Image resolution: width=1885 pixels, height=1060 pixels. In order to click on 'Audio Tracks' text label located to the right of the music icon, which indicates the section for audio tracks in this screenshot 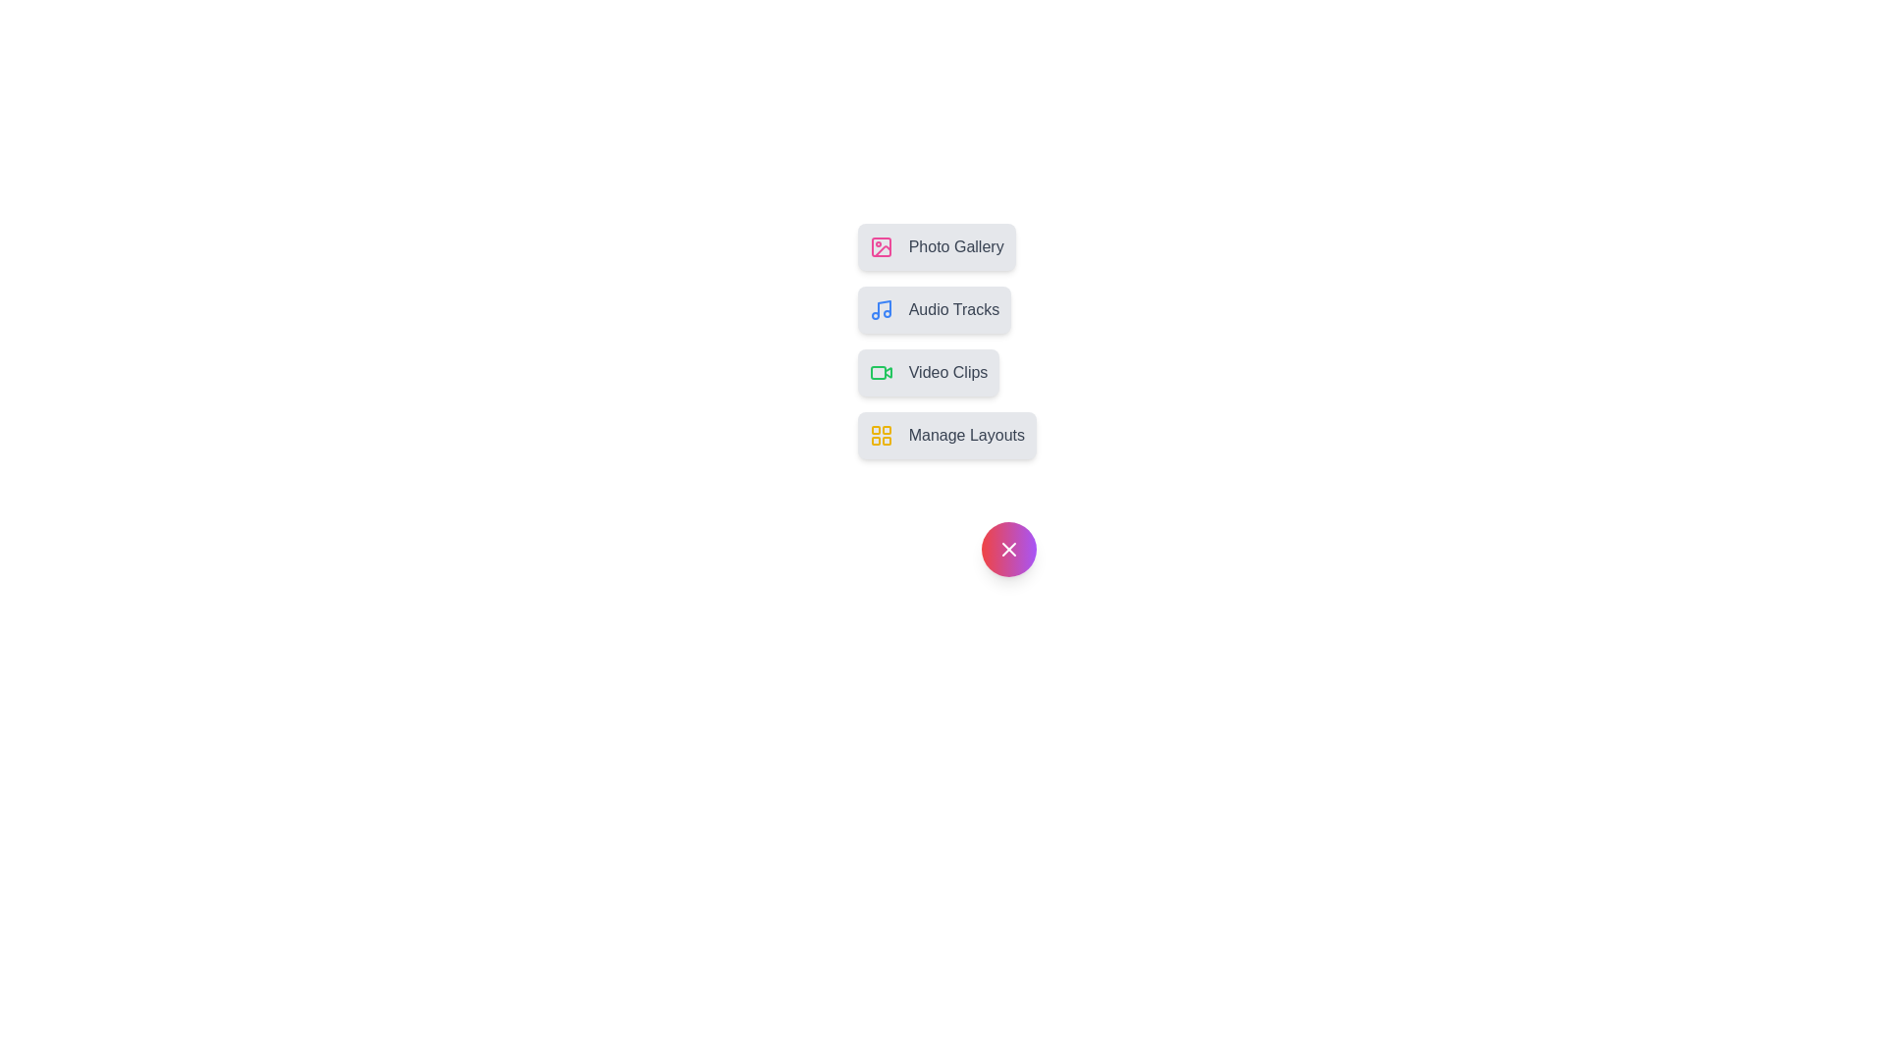, I will do `click(953, 309)`.